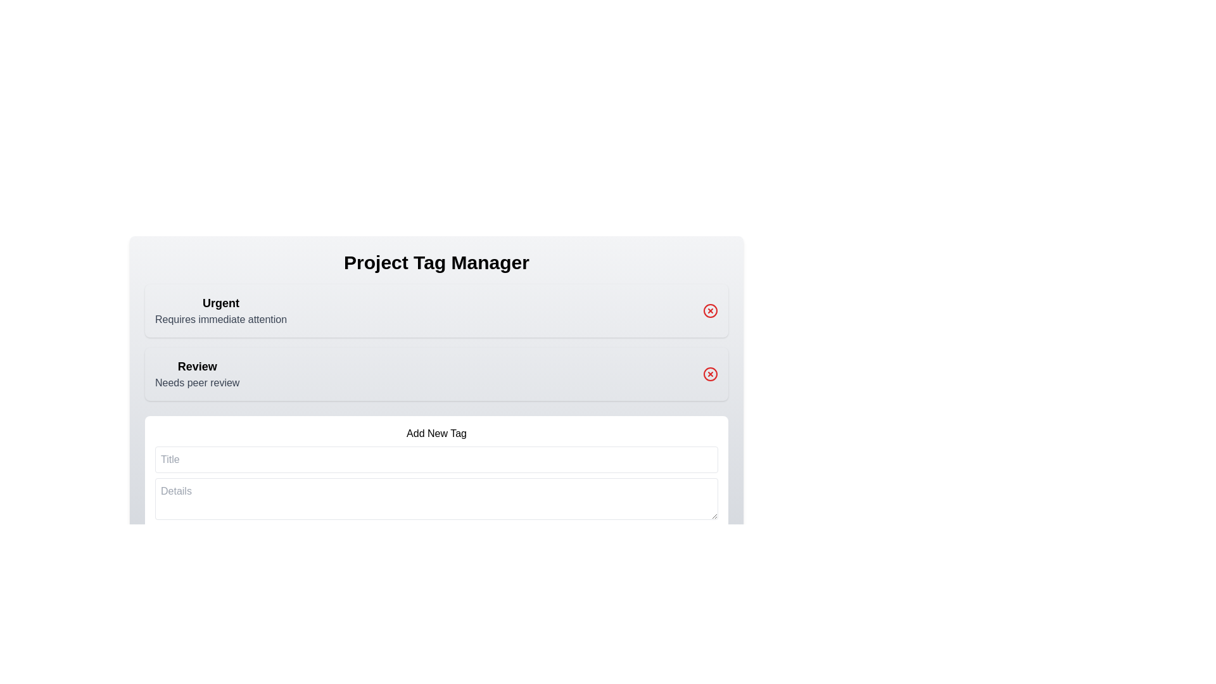  I want to click on the text segment displaying 'Requires immediate attention', which is styled in gray and positioned beneath the bold label 'Urgent', so click(221, 319).